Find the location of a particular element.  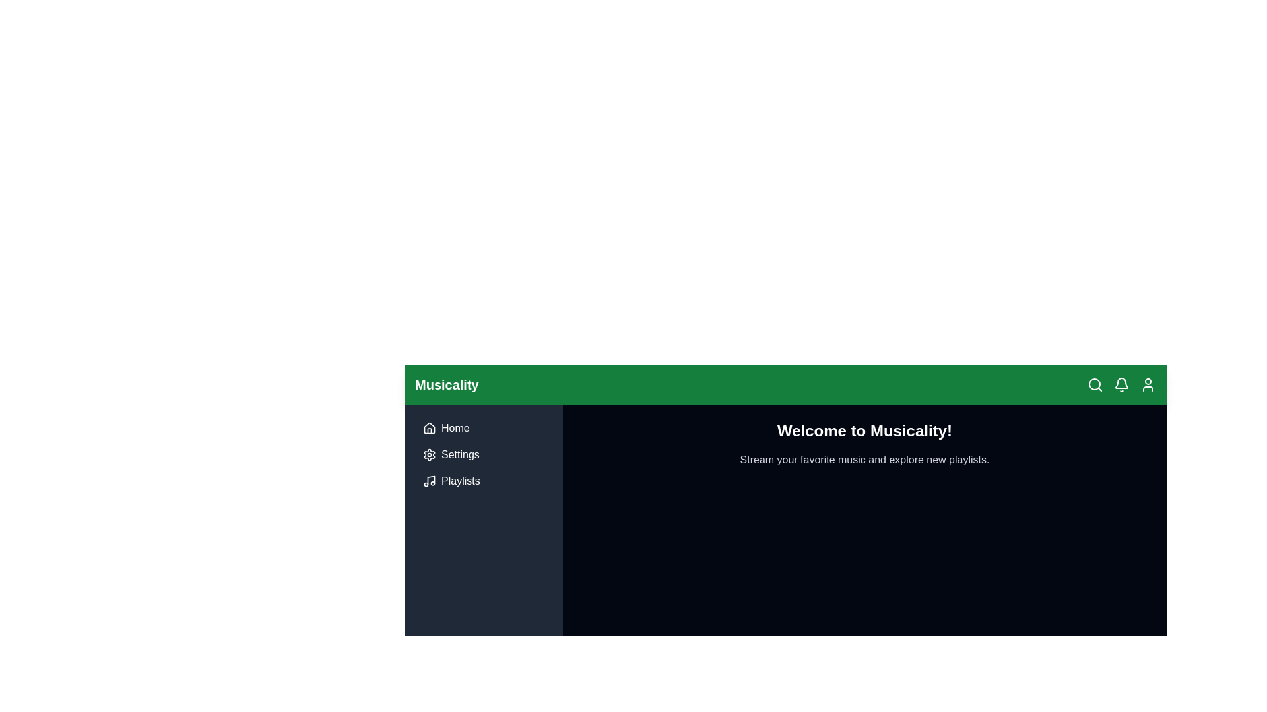

the 'Home' text label in the left navigation panel, which is styled in white against a dark background and is the first item in the vertical list of navigation options is located at coordinates (455, 429).